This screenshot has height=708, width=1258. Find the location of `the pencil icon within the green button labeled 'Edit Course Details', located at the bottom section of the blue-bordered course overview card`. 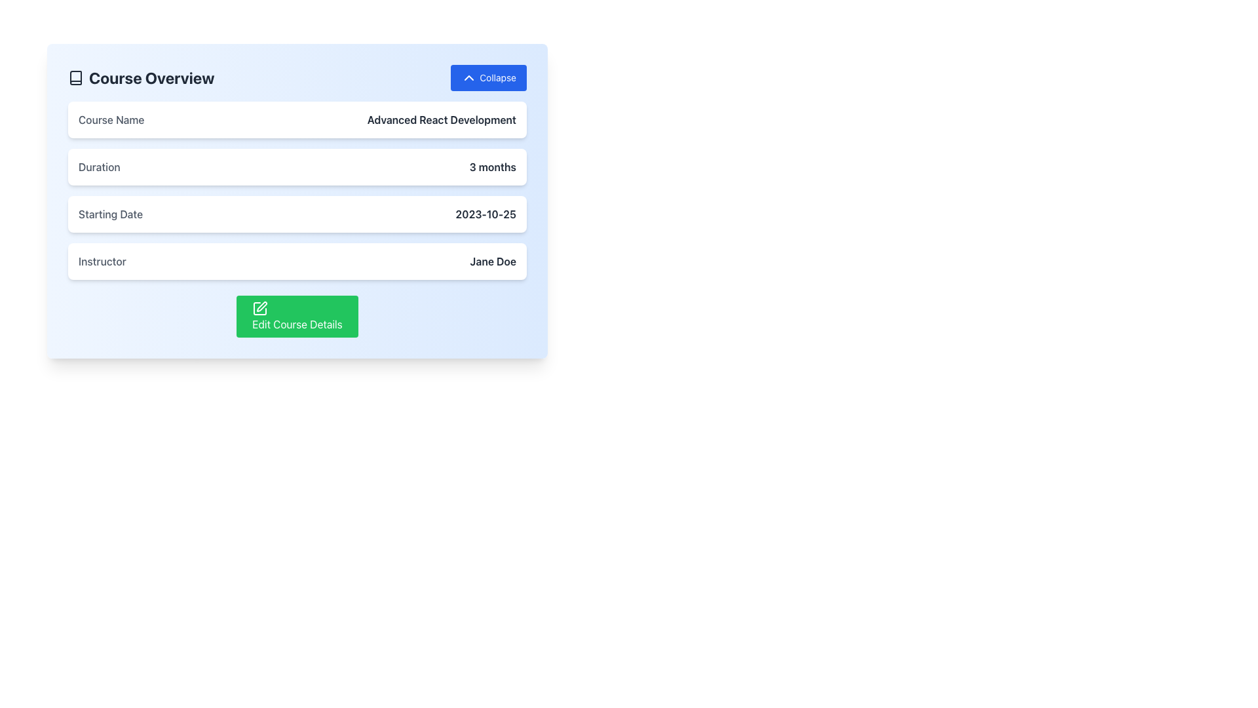

the pencil icon within the green button labeled 'Edit Course Details', located at the bottom section of the blue-bordered course overview card is located at coordinates (262, 306).